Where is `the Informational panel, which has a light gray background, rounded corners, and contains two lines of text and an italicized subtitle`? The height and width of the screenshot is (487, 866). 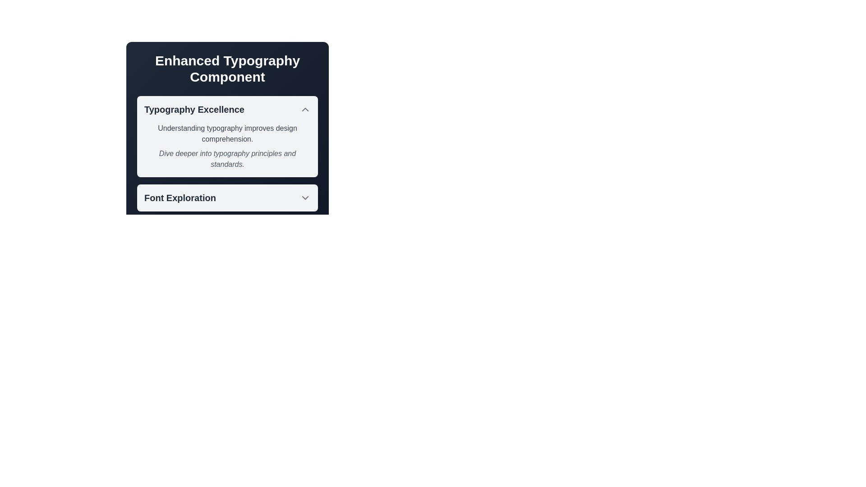
the Informational panel, which has a light gray background, rounded corners, and contains two lines of text and an italicized subtitle is located at coordinates (227, 153).